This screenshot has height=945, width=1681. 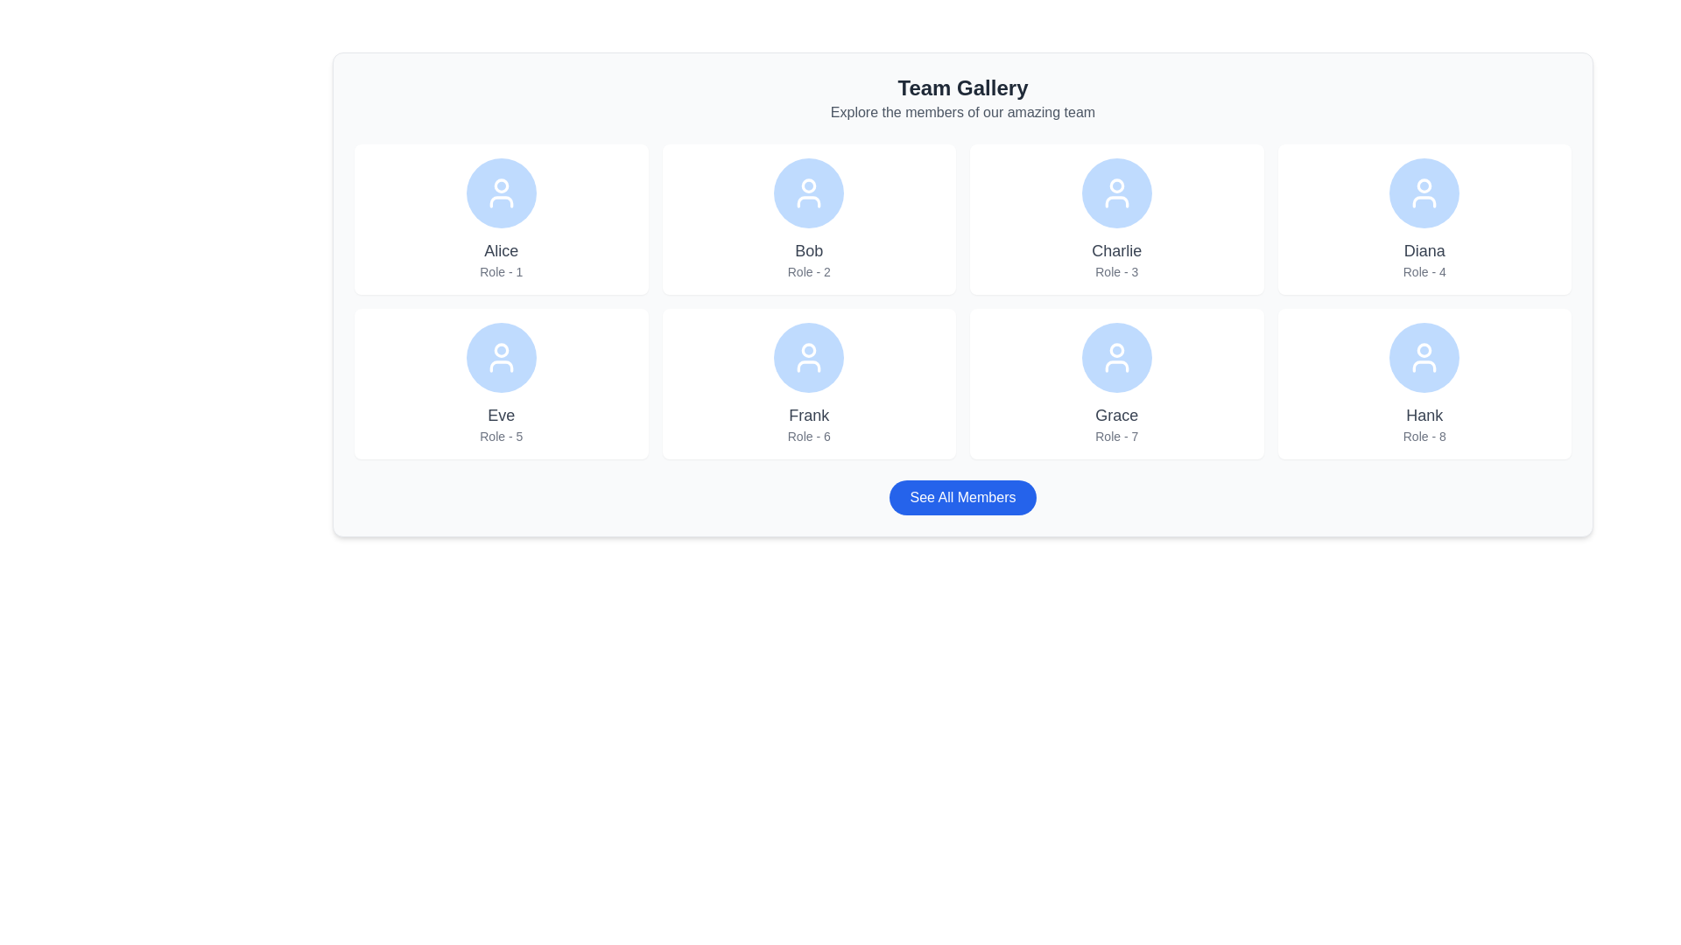 I want to click on the 'See All Members' button with a blue background and white text located at the bottom of the 'Team Gallery' section, so click(x=961, y=498).